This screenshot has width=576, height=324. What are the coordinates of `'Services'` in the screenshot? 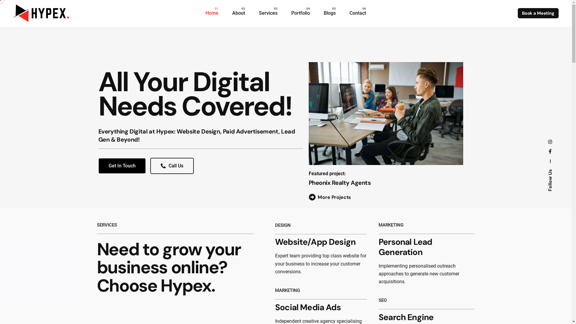 It's located at (268, 13).